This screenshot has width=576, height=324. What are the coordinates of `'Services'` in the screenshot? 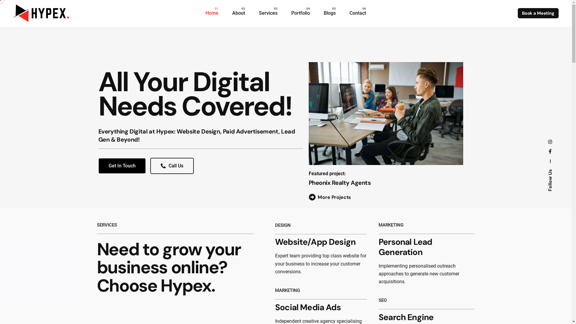 It's located at (268, 13).